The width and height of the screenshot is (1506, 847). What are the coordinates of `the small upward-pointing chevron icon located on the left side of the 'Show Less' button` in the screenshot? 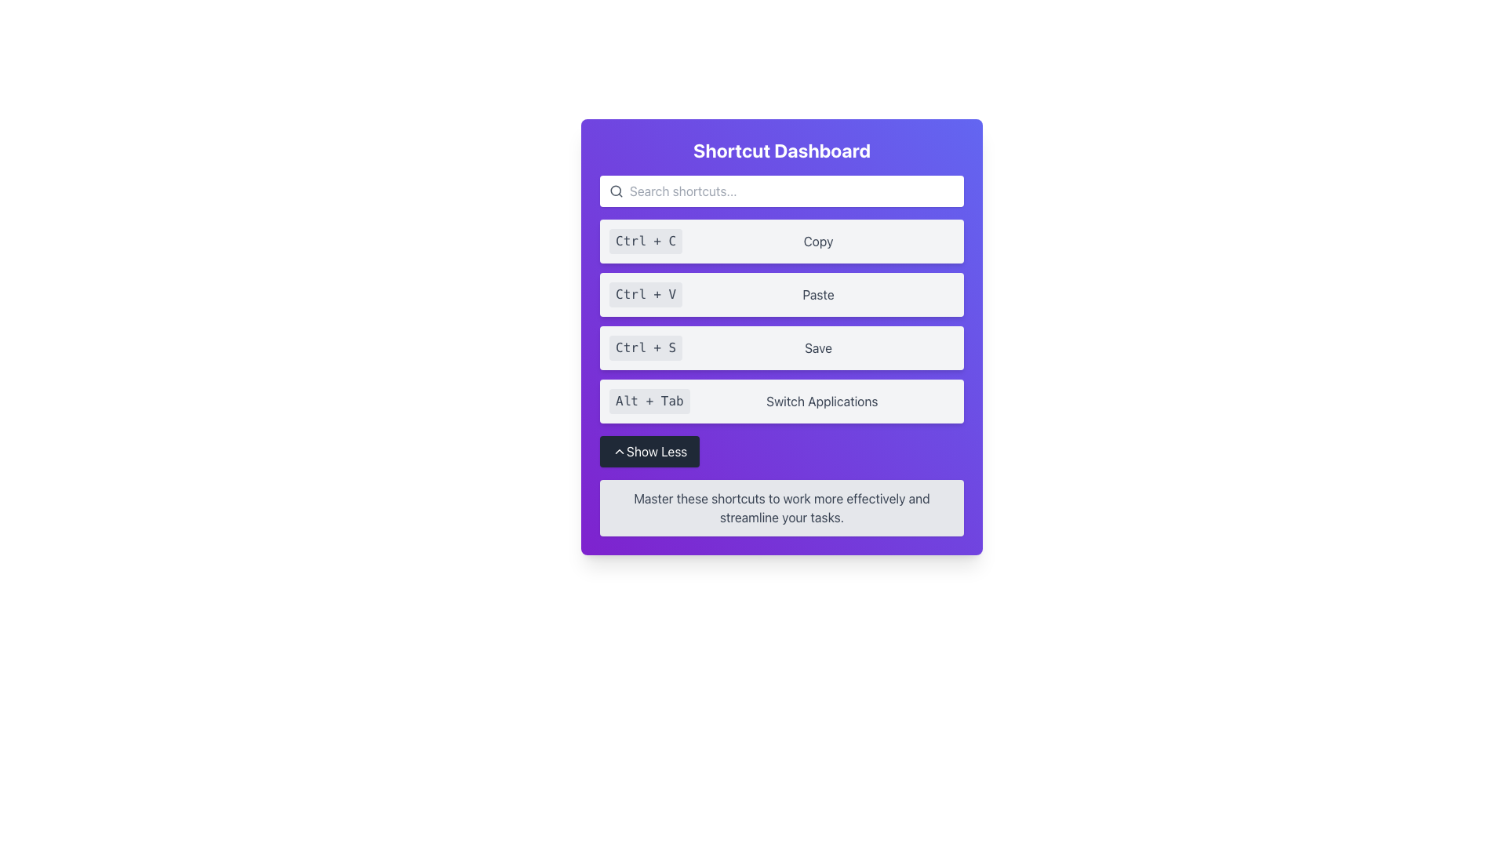 It's located at (619, 451).